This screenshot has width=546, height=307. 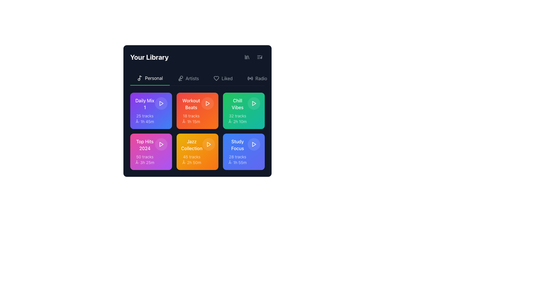 I want to click on the icon button represented by a musical note in the top-right corner of the navigation bar, so click(x=259, y=57).